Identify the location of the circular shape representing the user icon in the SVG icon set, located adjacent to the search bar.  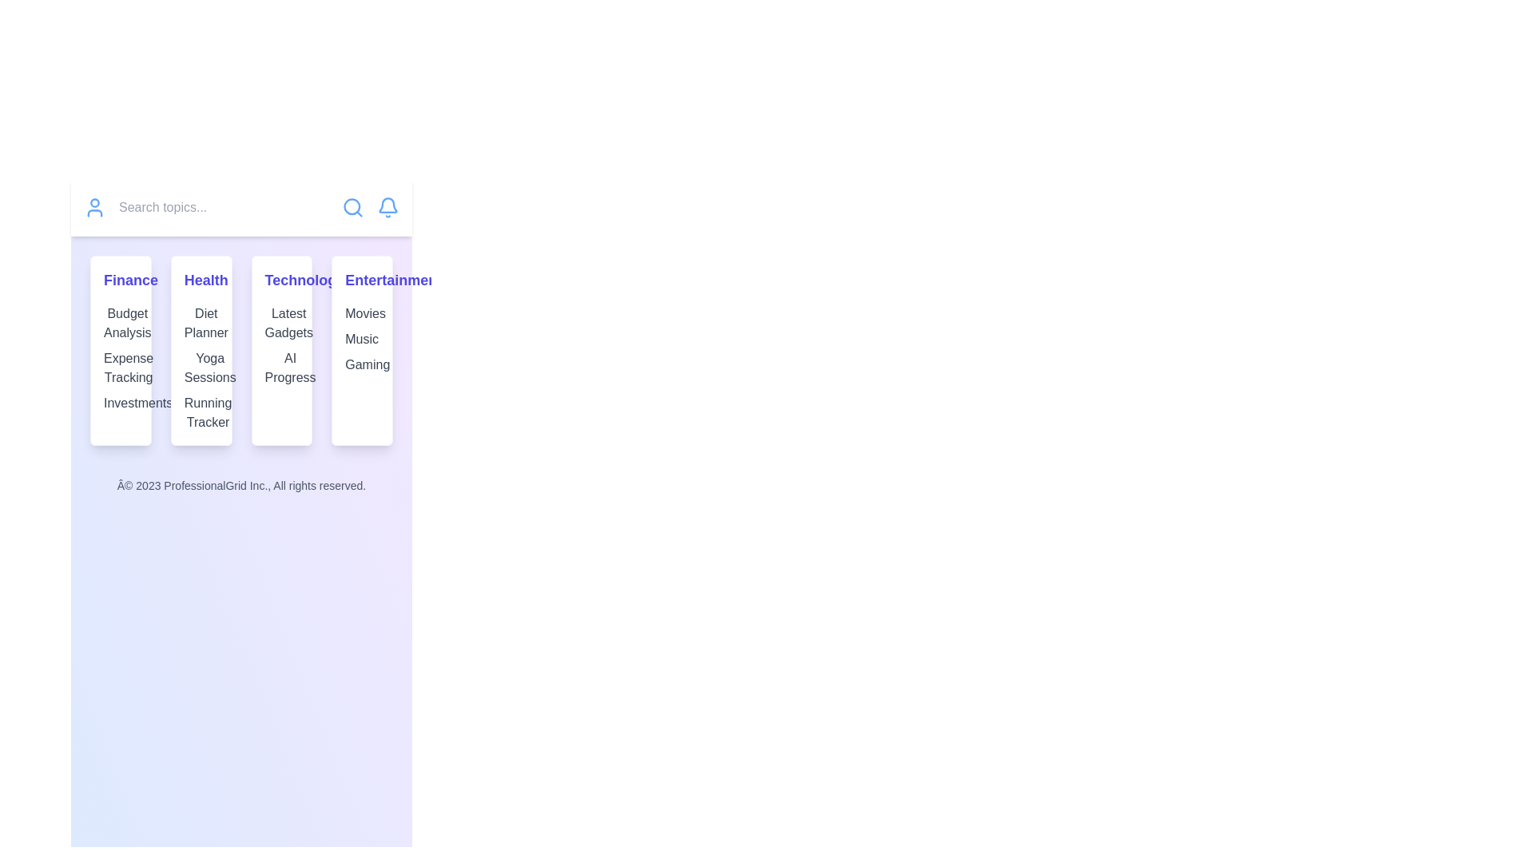
(94, 202).